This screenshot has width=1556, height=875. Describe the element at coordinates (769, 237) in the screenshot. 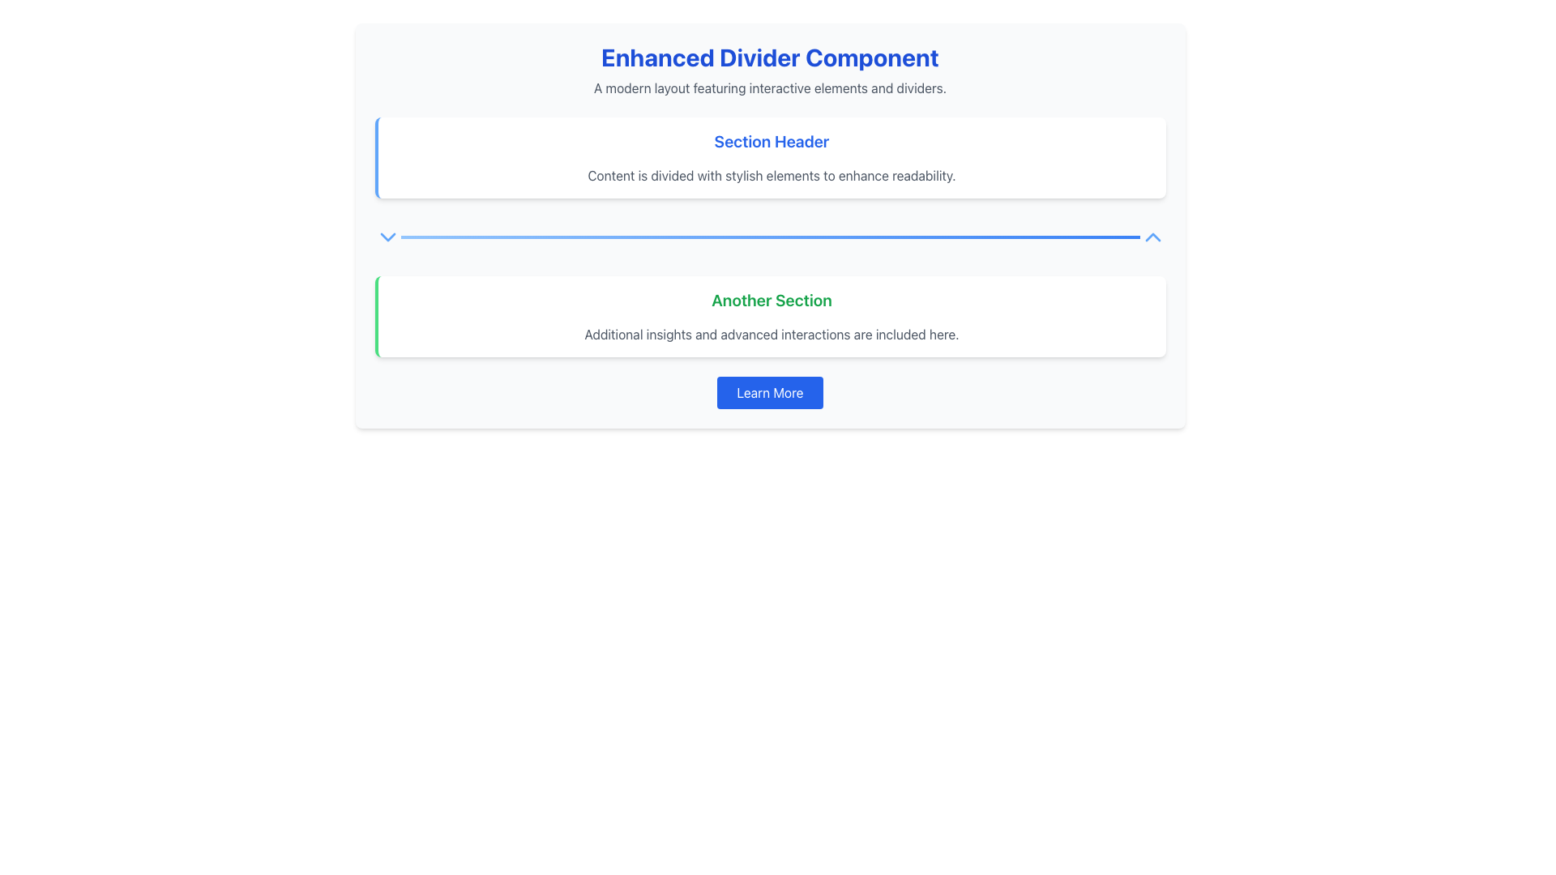

I see `the Horizontal Gradient Divider Line, which is a narrow rectangular component transitioning from light blue to deeper blue, serving as a visual separator between sections of content` at that location.